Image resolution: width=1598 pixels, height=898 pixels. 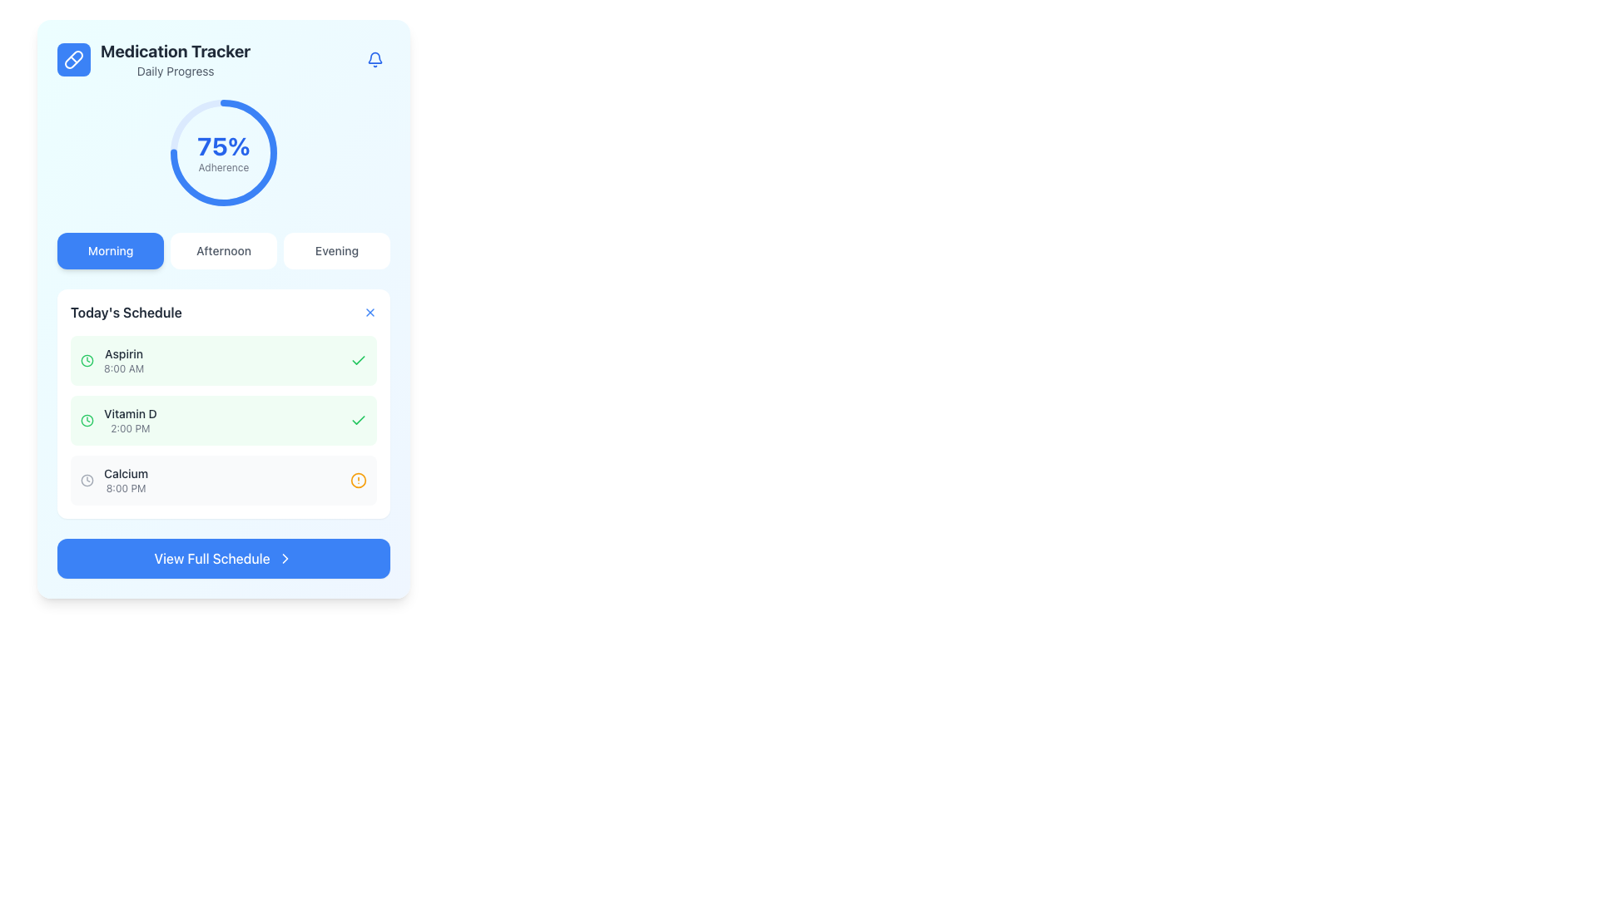 I want to click on the right-pointing chevron icon within the 'View Full Schedule' button, which is styled in white against a blue background, so click(x=285, y=558).